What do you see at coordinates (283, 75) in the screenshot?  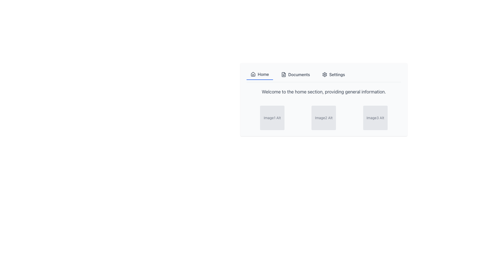 I see `the document outline icon located on the navigation bar` at bounding box center [283, 75].